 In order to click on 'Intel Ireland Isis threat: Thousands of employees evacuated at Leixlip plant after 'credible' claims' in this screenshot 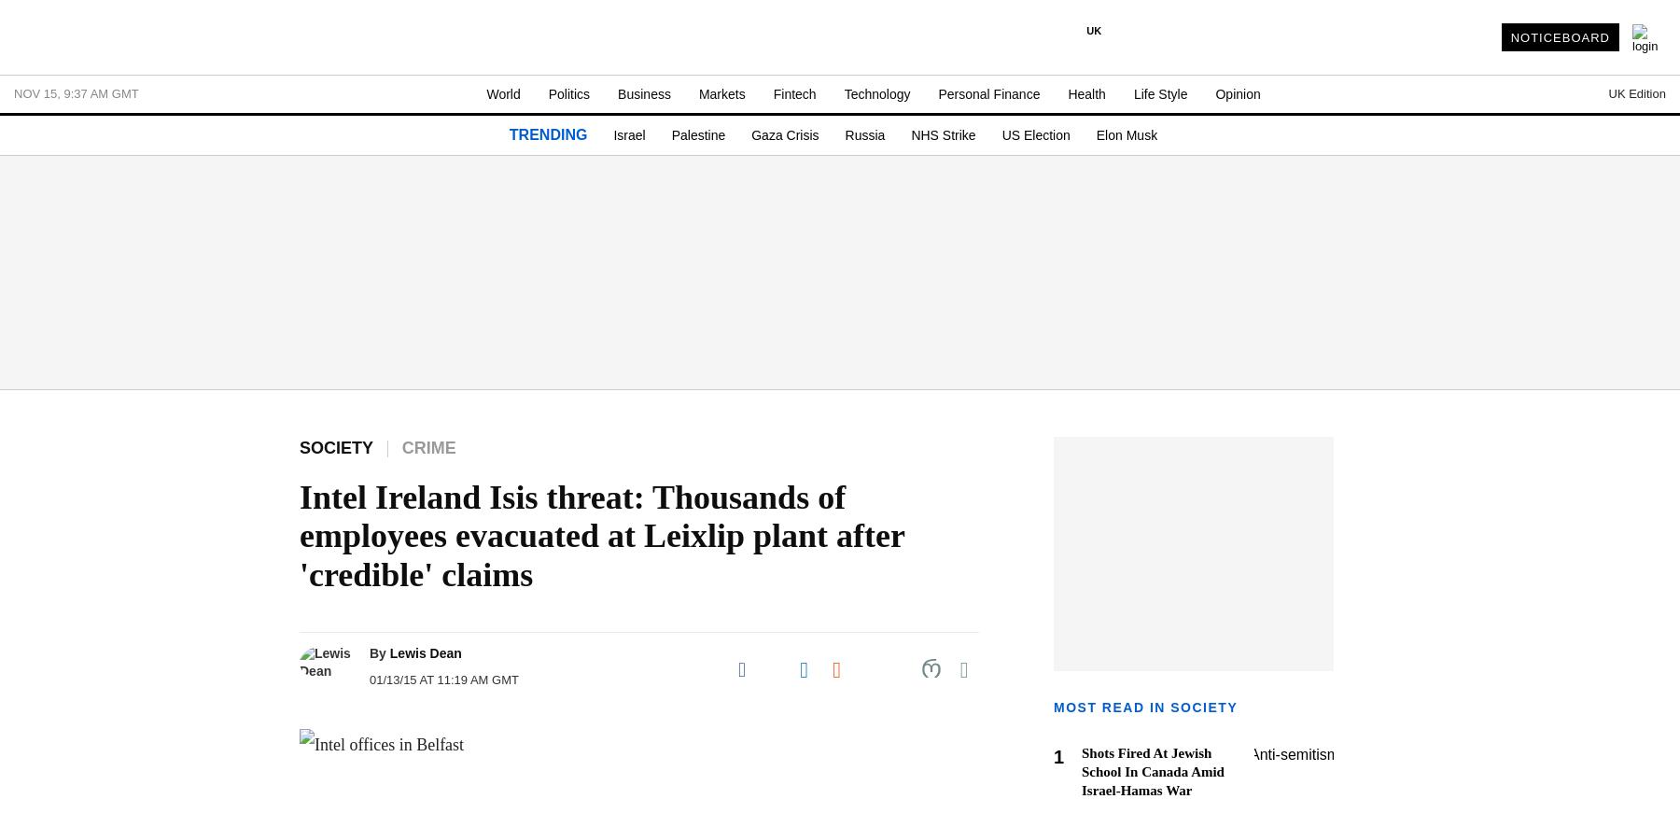, I will do `click(601, 535)`.